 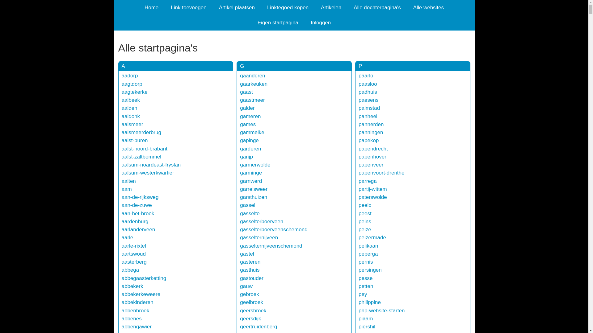 What do you see at coordinates (121, 262) in the screenshot?
I see `'aasterberg'` at bounding box center [121, 262].